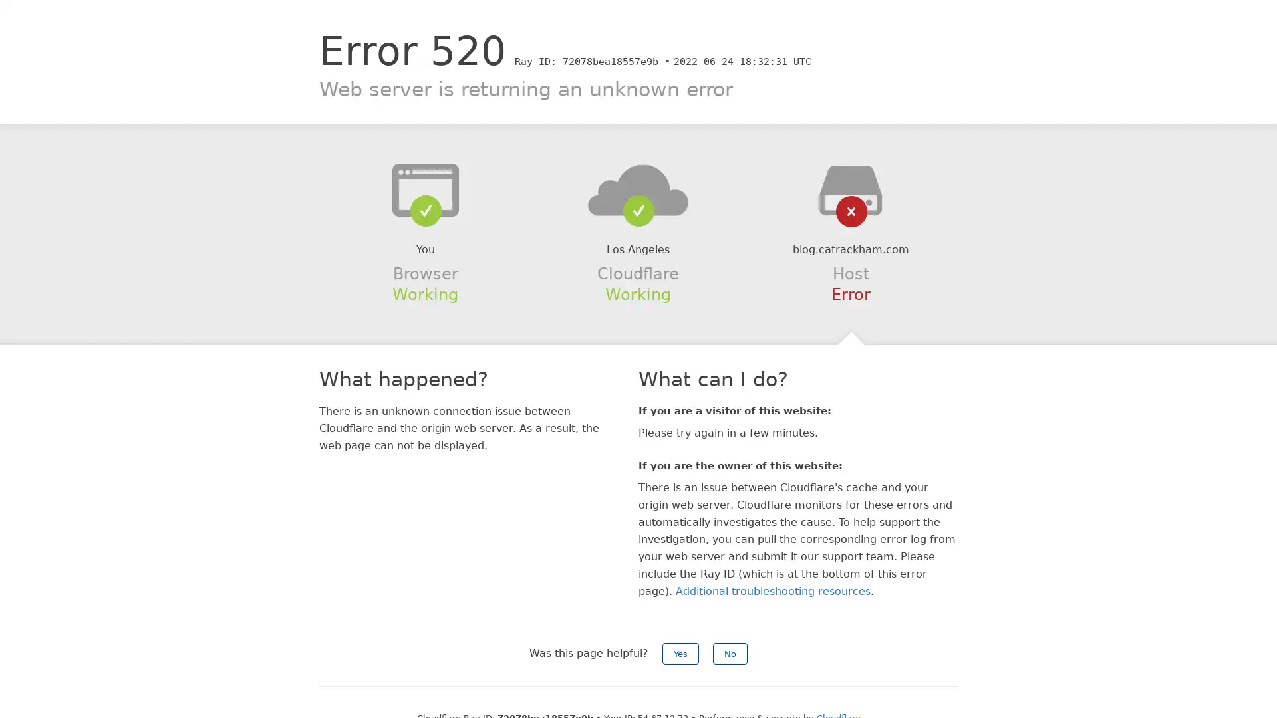  What do you see at coordinates (680, 653) in the screenshot?
I see `Yes` at bounding box center [680, 653].